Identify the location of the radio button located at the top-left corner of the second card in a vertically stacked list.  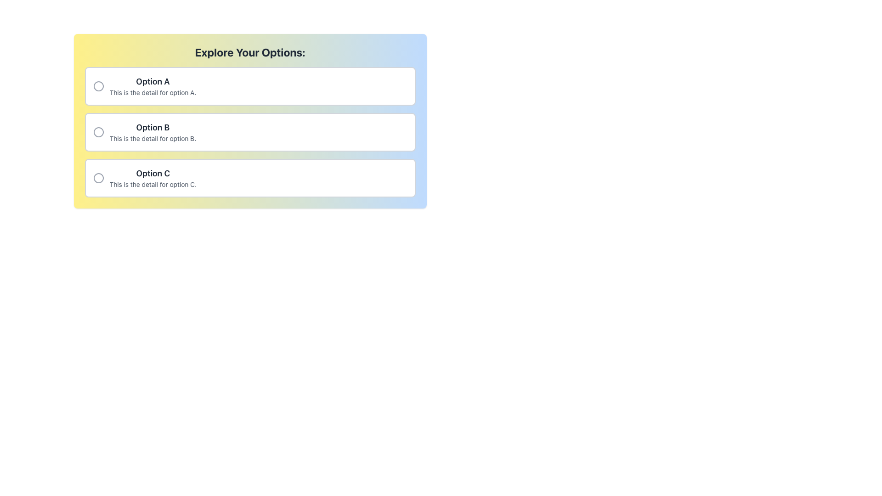
(98, 132).